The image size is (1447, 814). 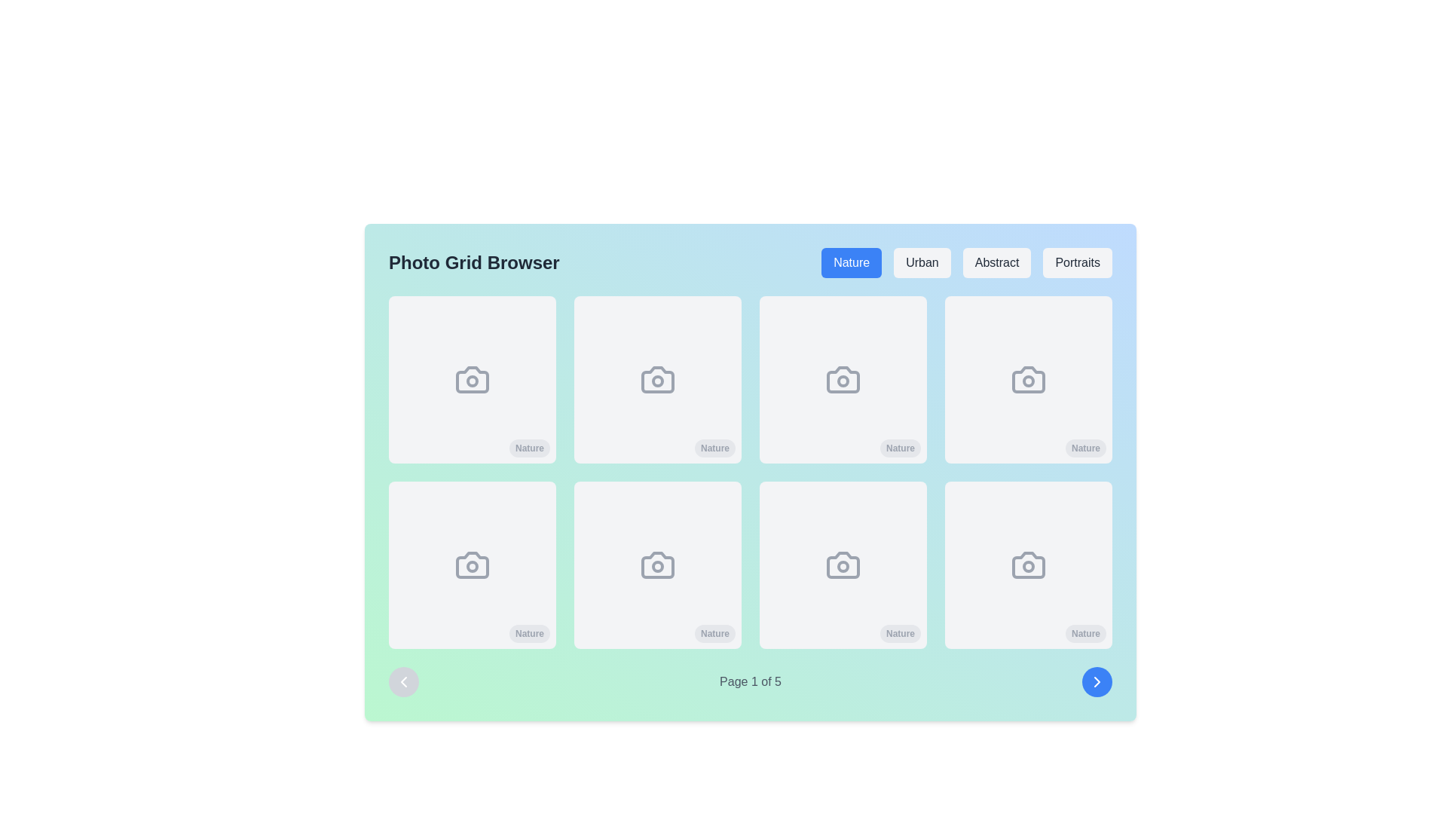 What do you see at coordinates (842, 567) in the screenshot?
I see `the small circle located within the camera icon, which aligns with the lens area, in the bottom-right tile of the grid layout` at bounding box center [842, 567].